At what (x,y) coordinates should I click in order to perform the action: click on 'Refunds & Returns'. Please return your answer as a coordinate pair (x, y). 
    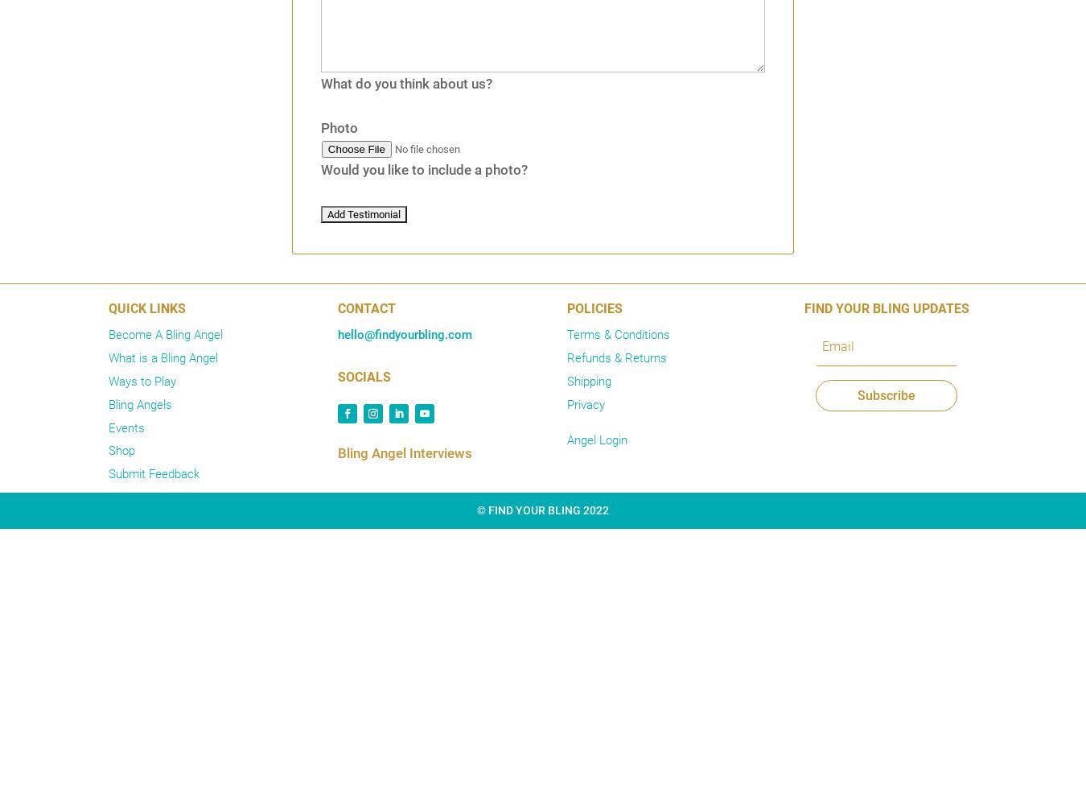
    Looking at the image, I should click on (615, 357).